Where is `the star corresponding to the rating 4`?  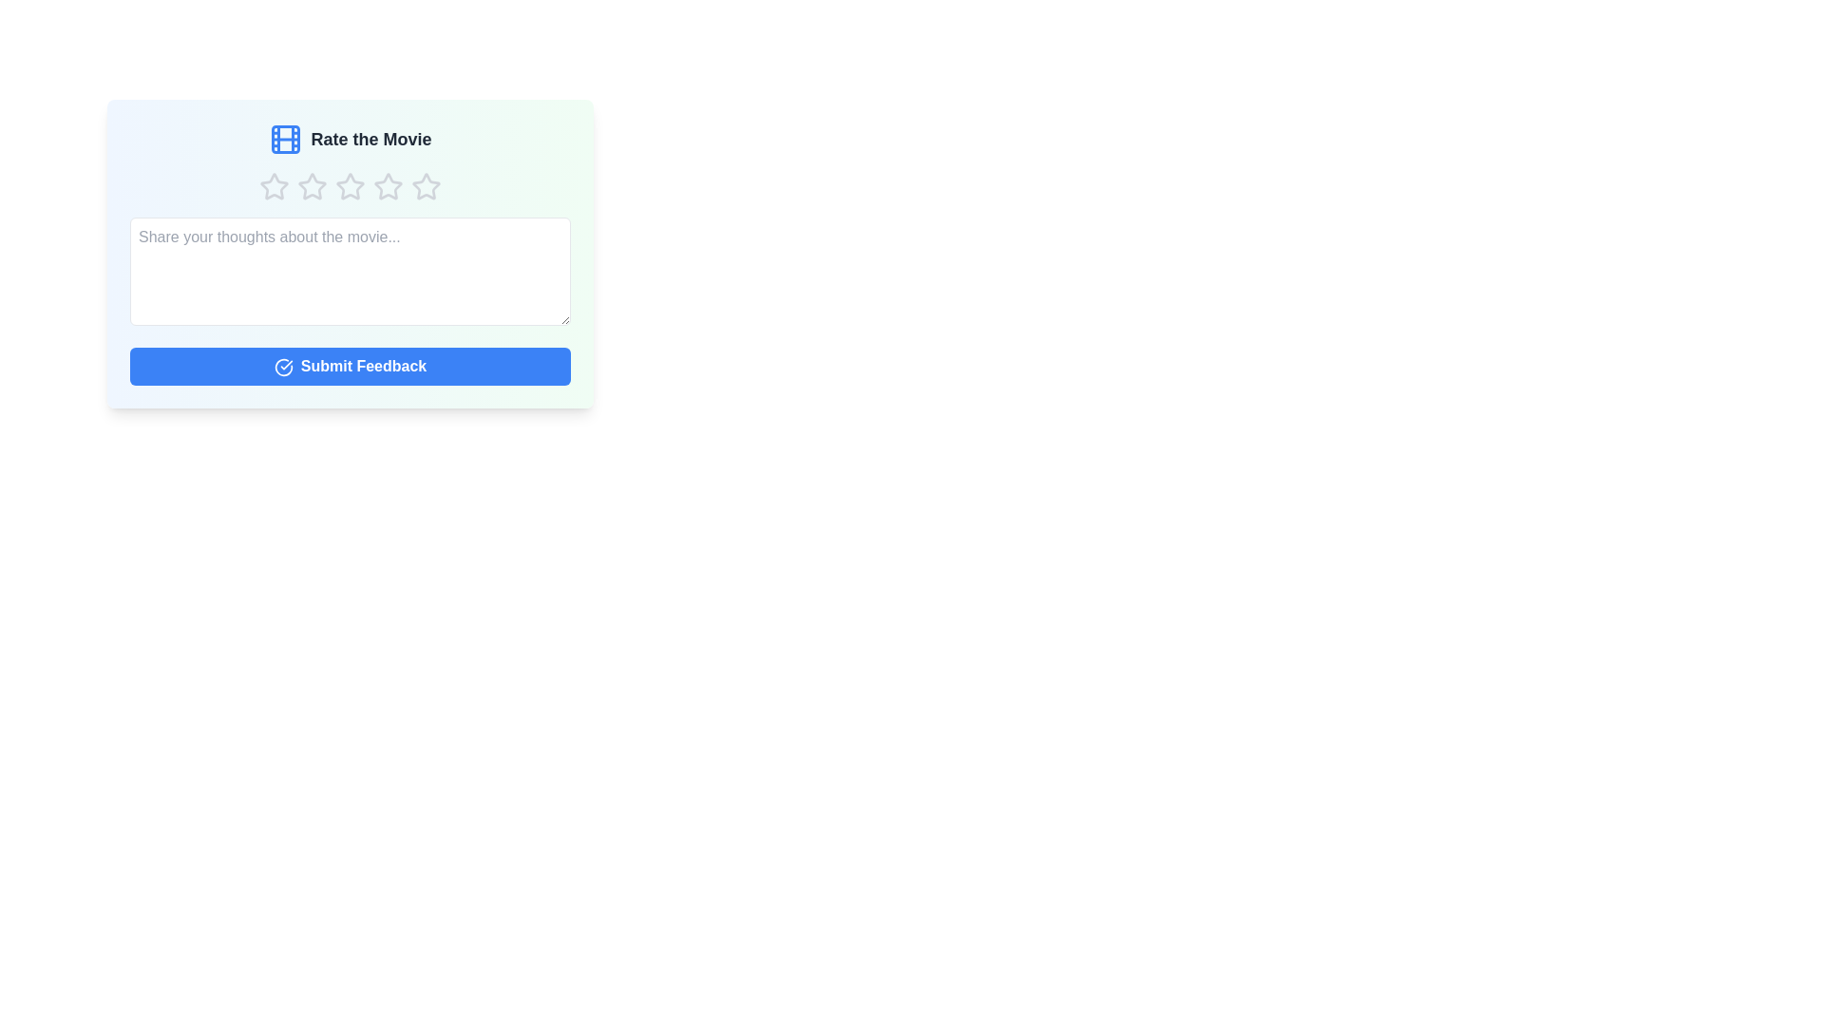 the star corresponding to the rating 4 is located at coordinates (387, 186).